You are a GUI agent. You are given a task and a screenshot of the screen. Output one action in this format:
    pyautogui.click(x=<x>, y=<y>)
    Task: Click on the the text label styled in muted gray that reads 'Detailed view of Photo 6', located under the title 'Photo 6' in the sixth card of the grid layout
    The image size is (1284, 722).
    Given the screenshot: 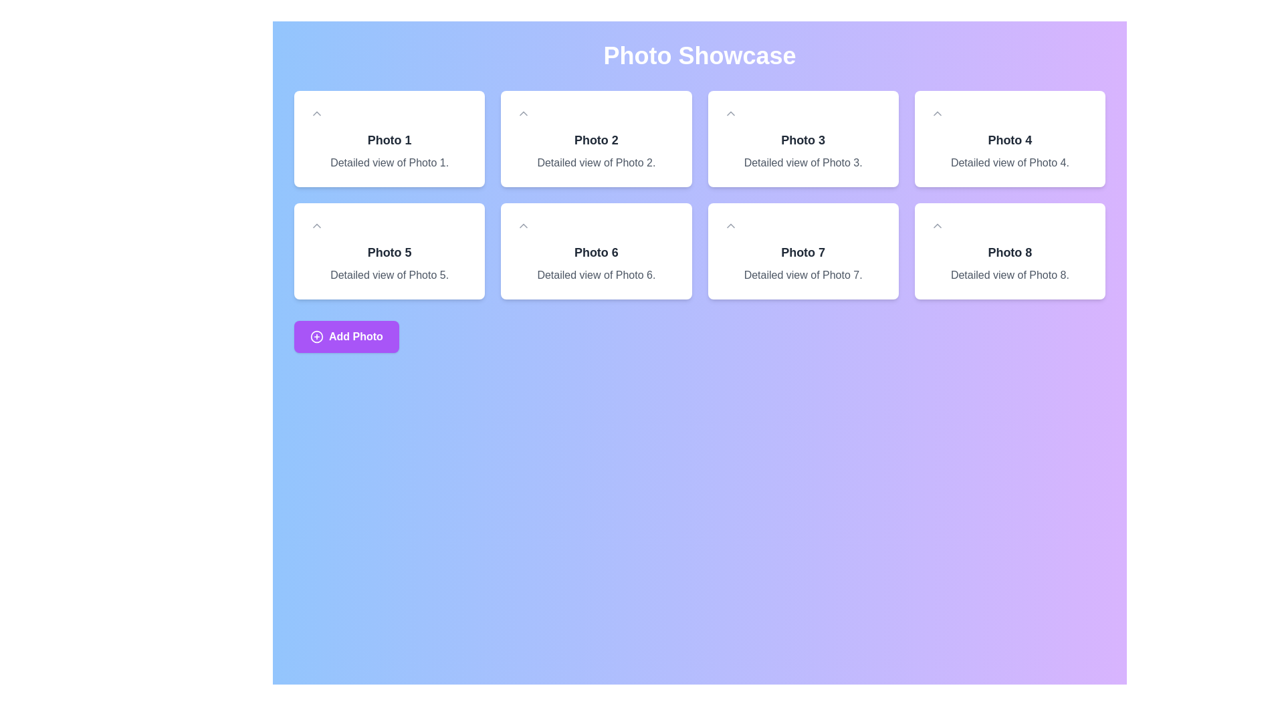 What is the action you would take?
    pyautogui.click(x=595, y=275)
    